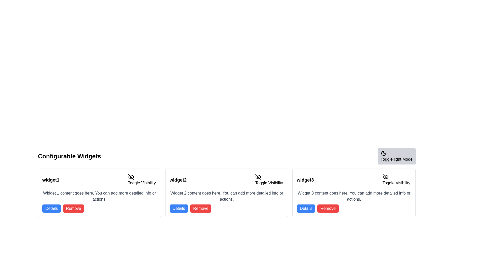 The height and width of the screenshot is (275, 489). What do you see at coordinates (131, 176) in the screenshot?
I see `the toggle visibility icon located in the top-right edge of the first widget under the label 'Toggle Visibility'` at bounding box center [131, 176].